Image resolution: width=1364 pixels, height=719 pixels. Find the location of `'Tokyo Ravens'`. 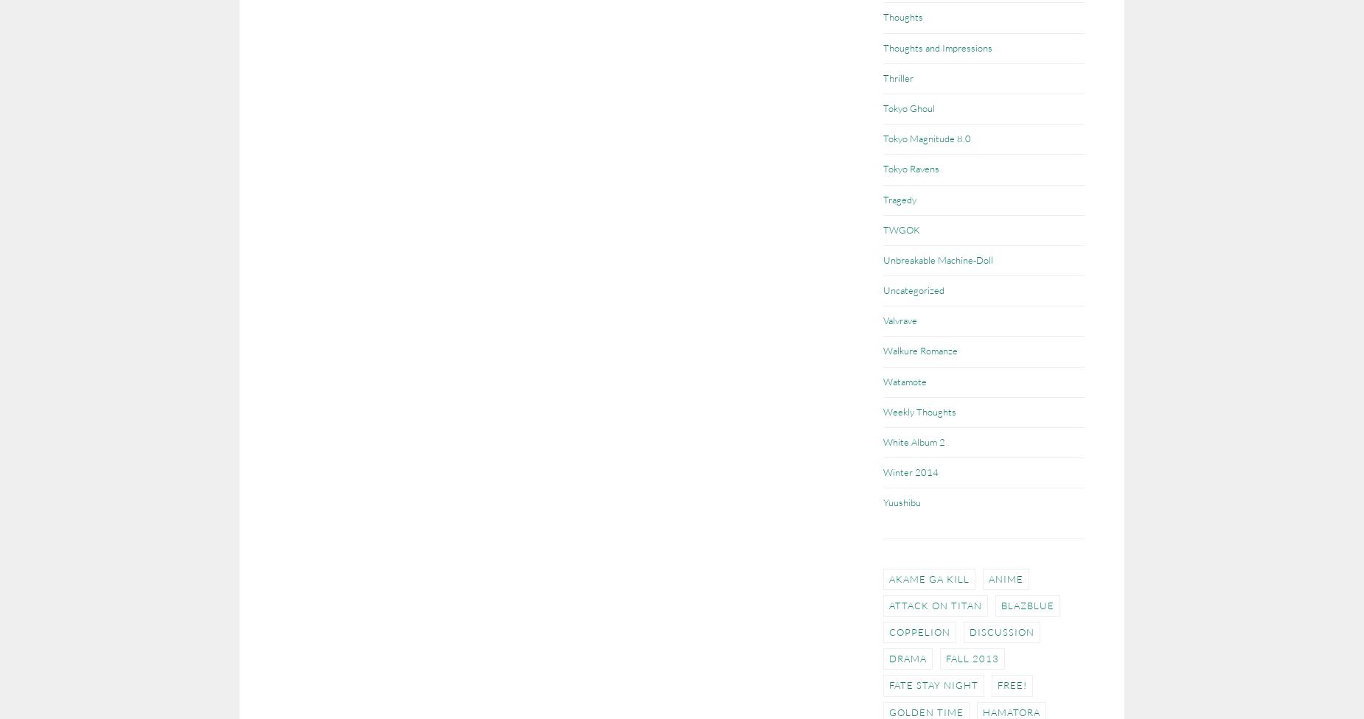

'Tokyo Ravens' is located at coordinates (910, 167).